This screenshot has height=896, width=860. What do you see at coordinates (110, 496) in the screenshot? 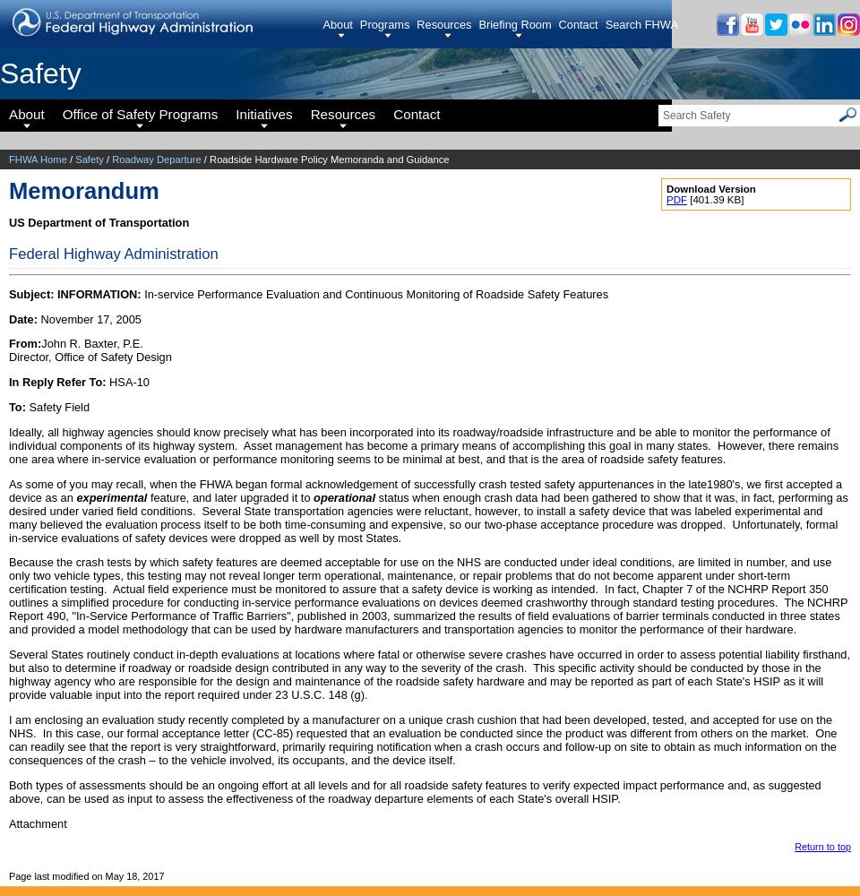
I see `'experimental'` at bounding box center [110, 496].